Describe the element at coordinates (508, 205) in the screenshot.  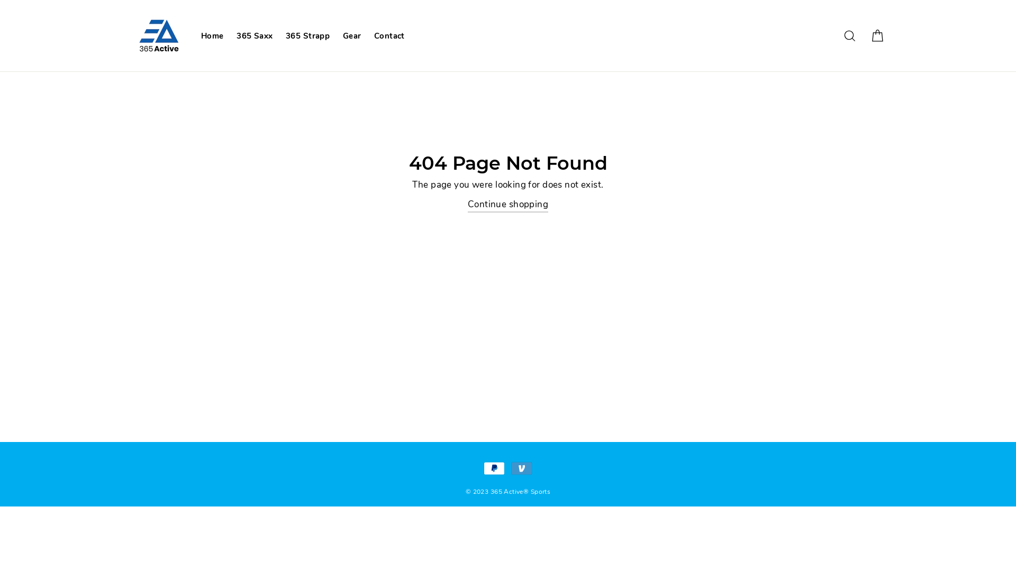
I see `'Continue shopping'` at that location.